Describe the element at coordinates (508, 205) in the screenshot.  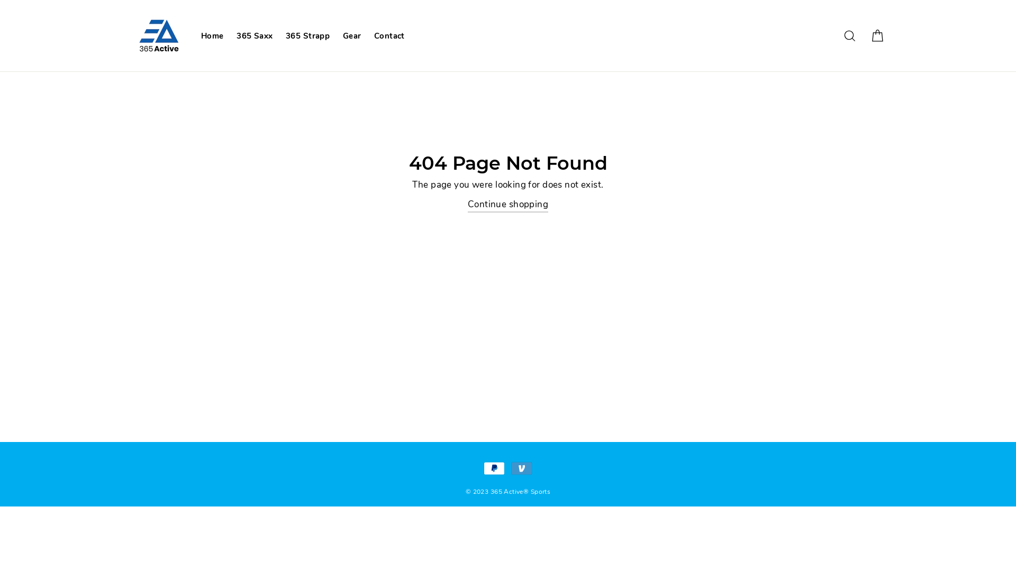
I see `'Continue shopping'` at that location.